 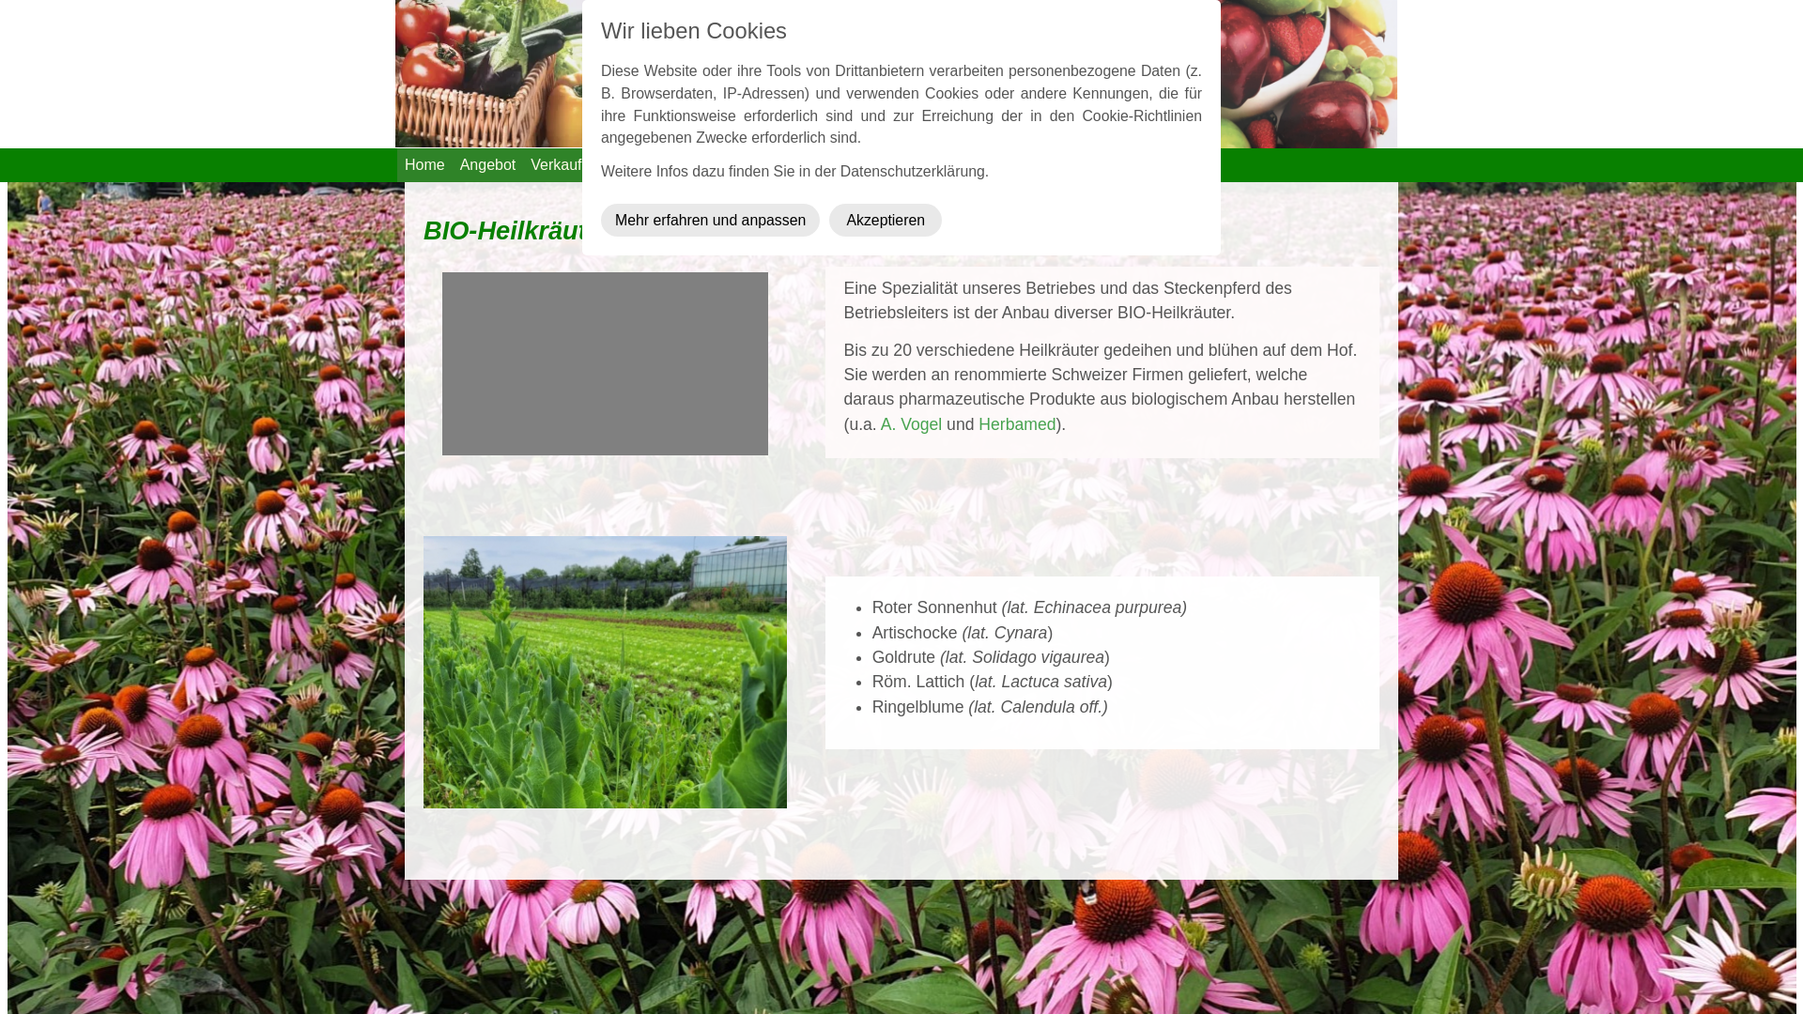 What do you see at coordinates (709, 219) in the screenshot?
I see `'Mehr erfahren und anpassen'` at bounding box center [709, 219].